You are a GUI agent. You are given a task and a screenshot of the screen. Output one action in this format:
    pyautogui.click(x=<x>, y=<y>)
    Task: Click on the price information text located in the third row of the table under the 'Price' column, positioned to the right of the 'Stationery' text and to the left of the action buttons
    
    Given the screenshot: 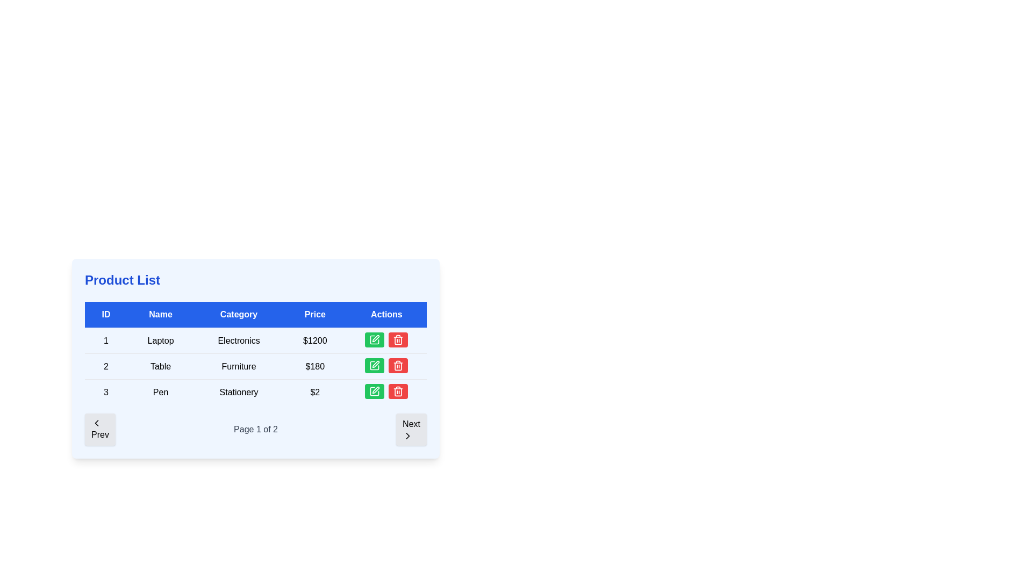 What is the action you would take?
    pyautogui.click(x=314, y=392)
    